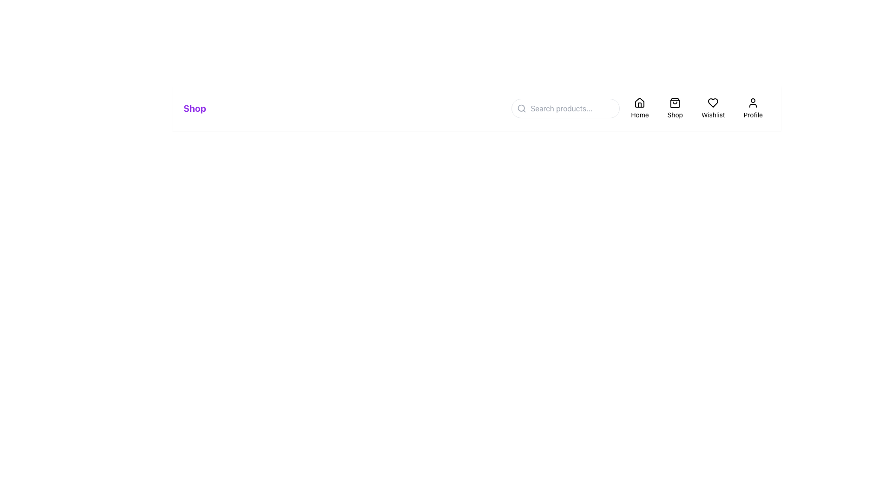 This screenshot has height=501, width=892. What do you see at coordinates (675, 103) in the screenshot?
I see `the 'Shop' icon in the navigation menu` at bounding box center [675, 103].